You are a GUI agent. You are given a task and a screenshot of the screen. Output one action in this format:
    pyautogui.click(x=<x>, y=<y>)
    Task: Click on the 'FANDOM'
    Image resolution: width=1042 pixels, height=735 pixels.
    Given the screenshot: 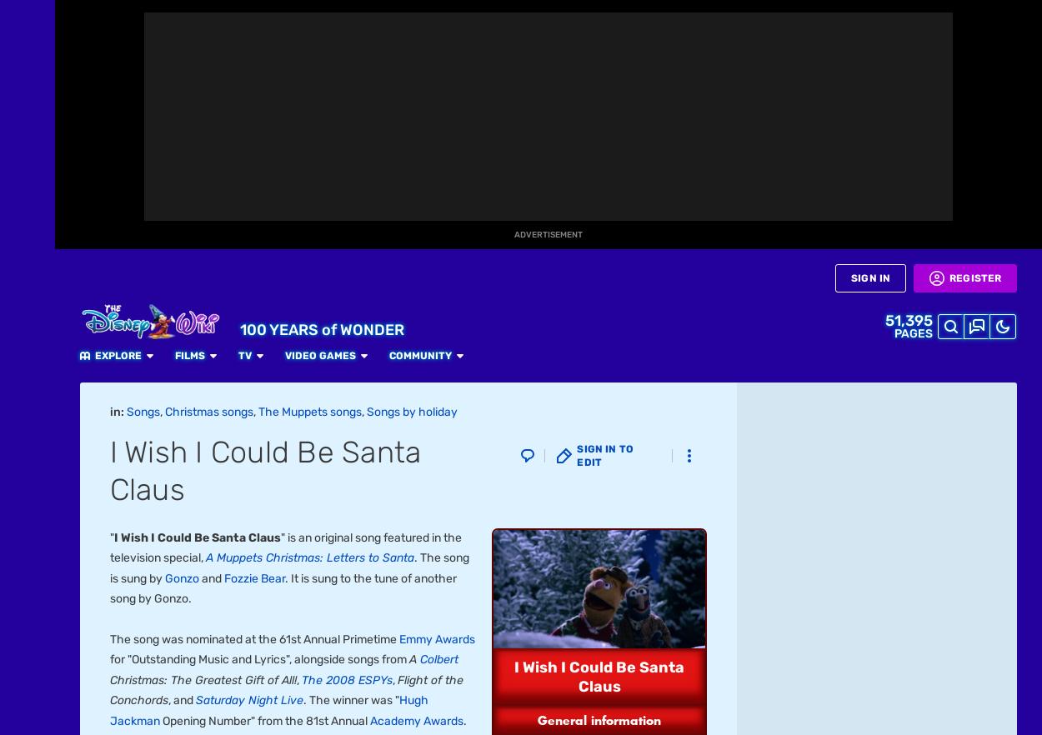 What is the action you would take?
    pyautogui.click(x=28, y=56)
    